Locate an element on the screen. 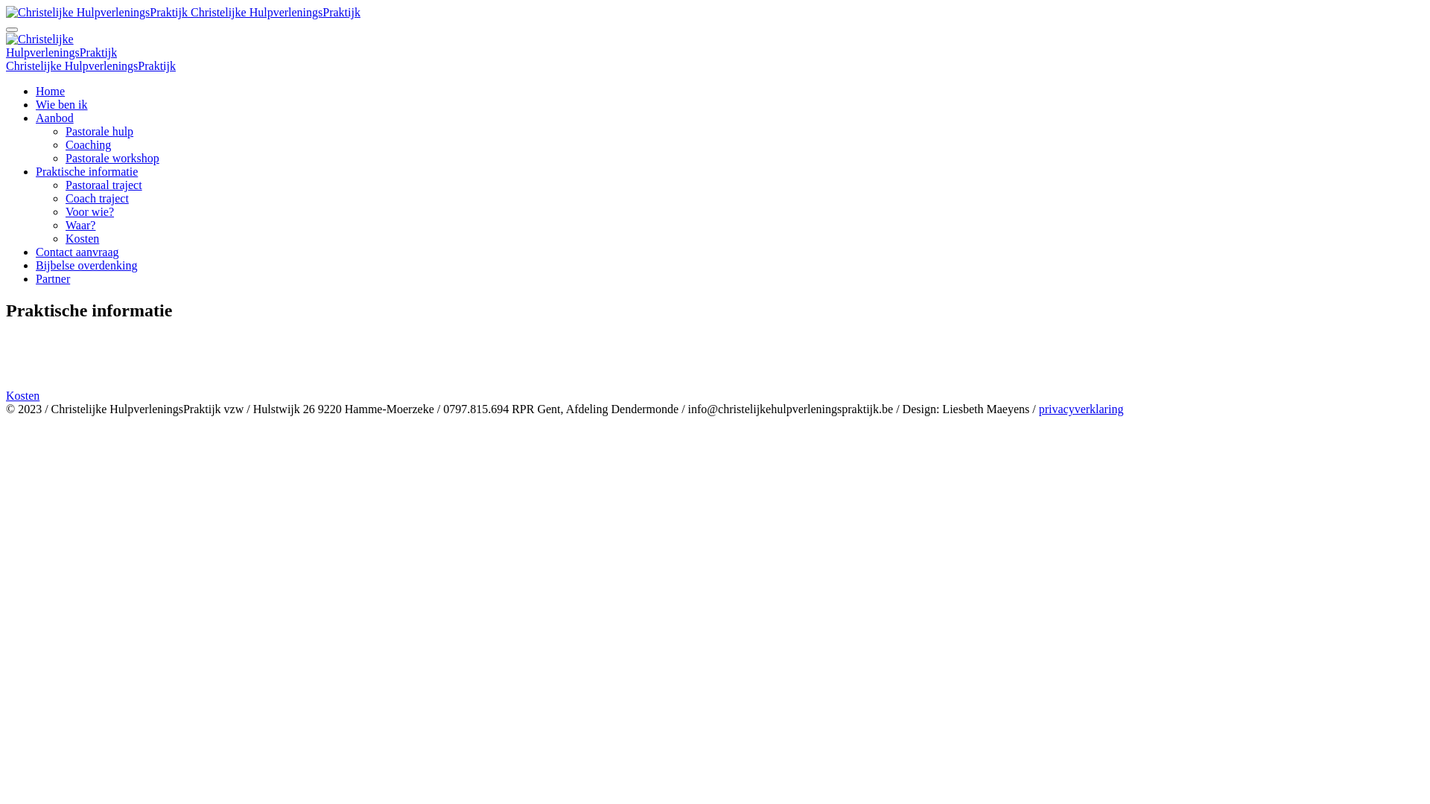 The height and width of the screenshot is (804, 1430). 'Pastoraal traject' is located at coordinates (715, 342).